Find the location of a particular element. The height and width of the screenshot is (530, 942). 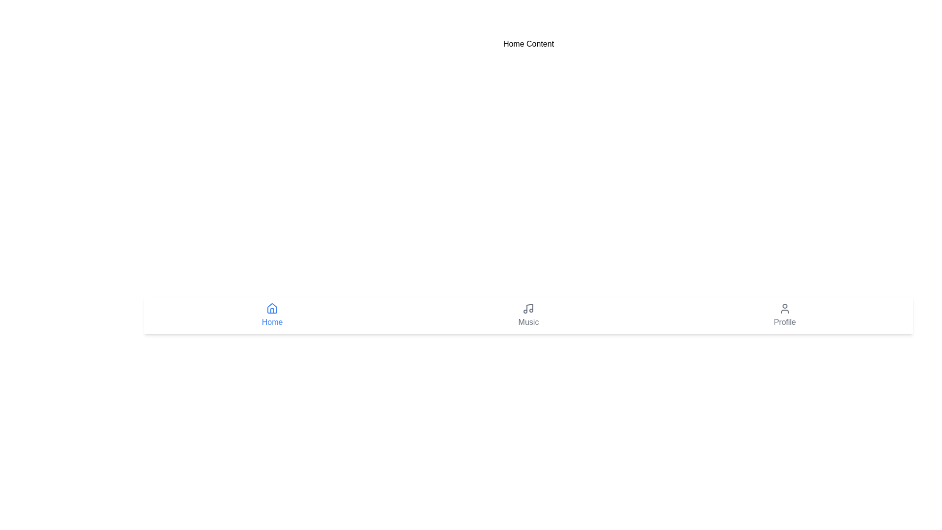

the musical note icon located in the center of the bottom navigation bar within the 'Music' tab section is located at coordinates (528, 308).